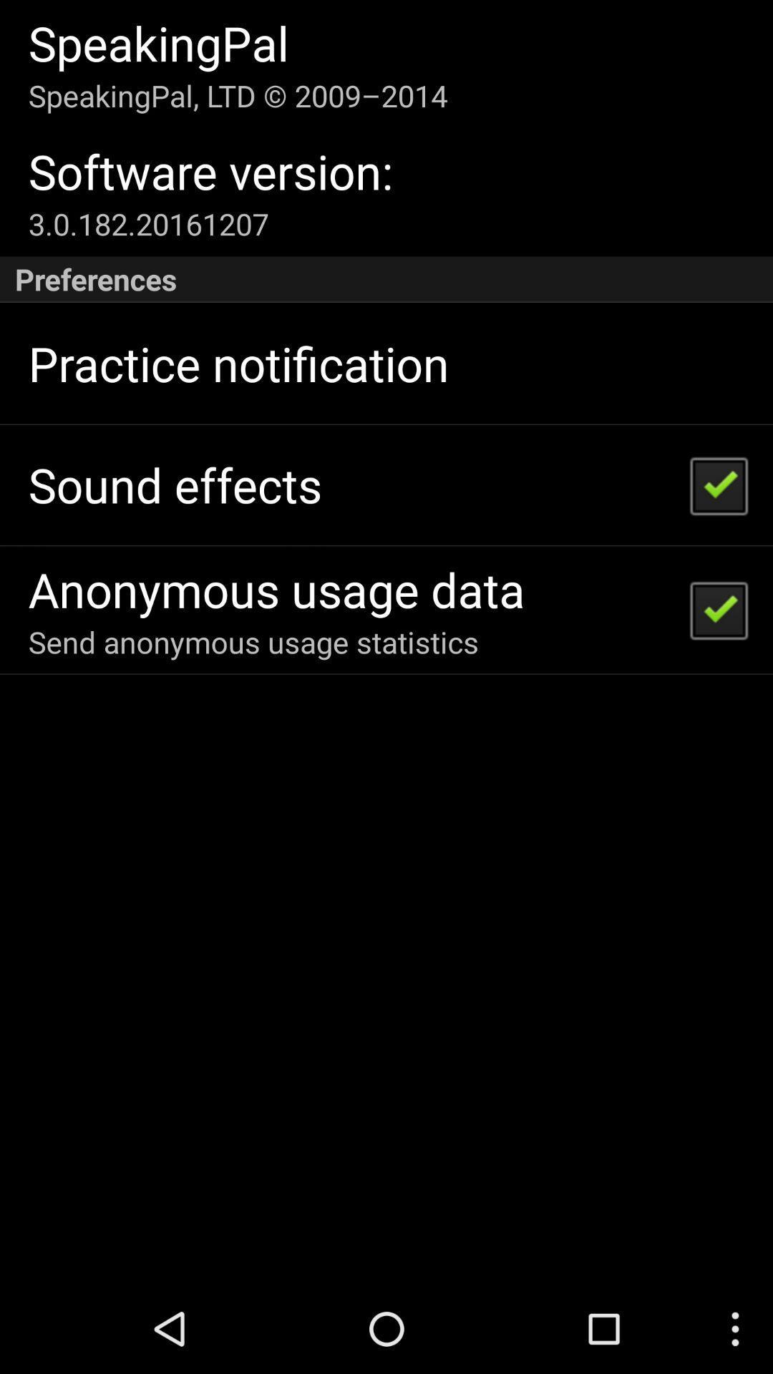  I want to click on icon above preferences item, so click(148, 223).